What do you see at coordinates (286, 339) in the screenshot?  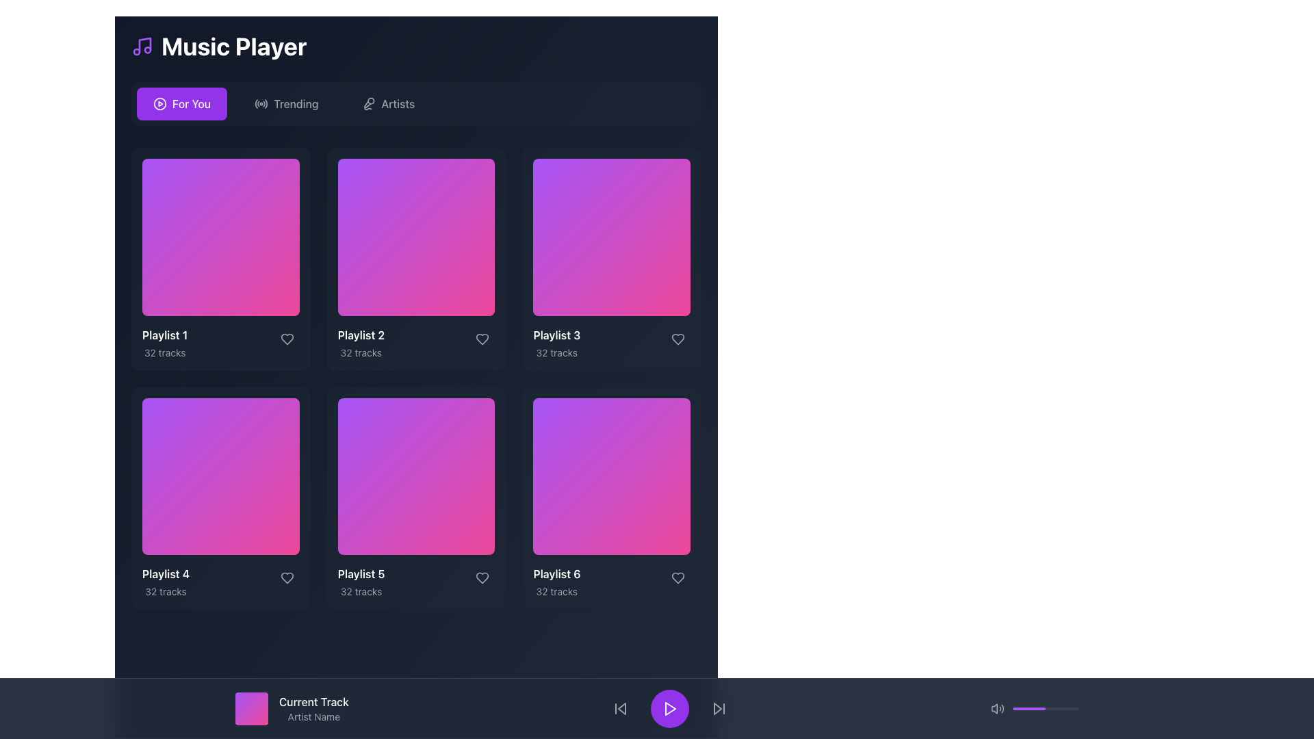 I see `the heart-shaped icon button representing the 'like' action, located adjacent to the lower-right corner of 'Playlist 1'` at bounding box center [286, 339].